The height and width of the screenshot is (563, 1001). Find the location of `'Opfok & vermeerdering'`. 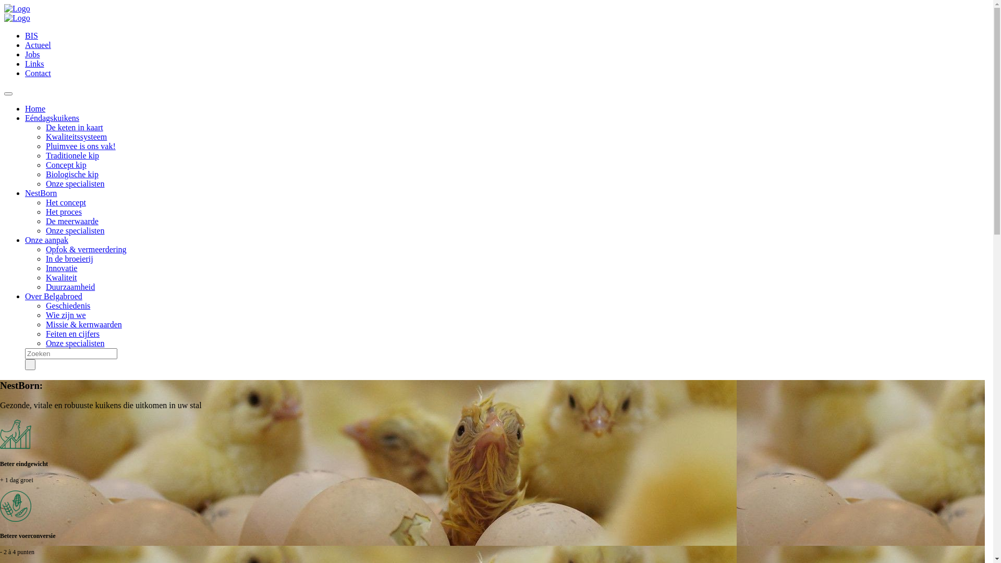

'Opfok & vermeerdering' is located at coordinates (86, 249).